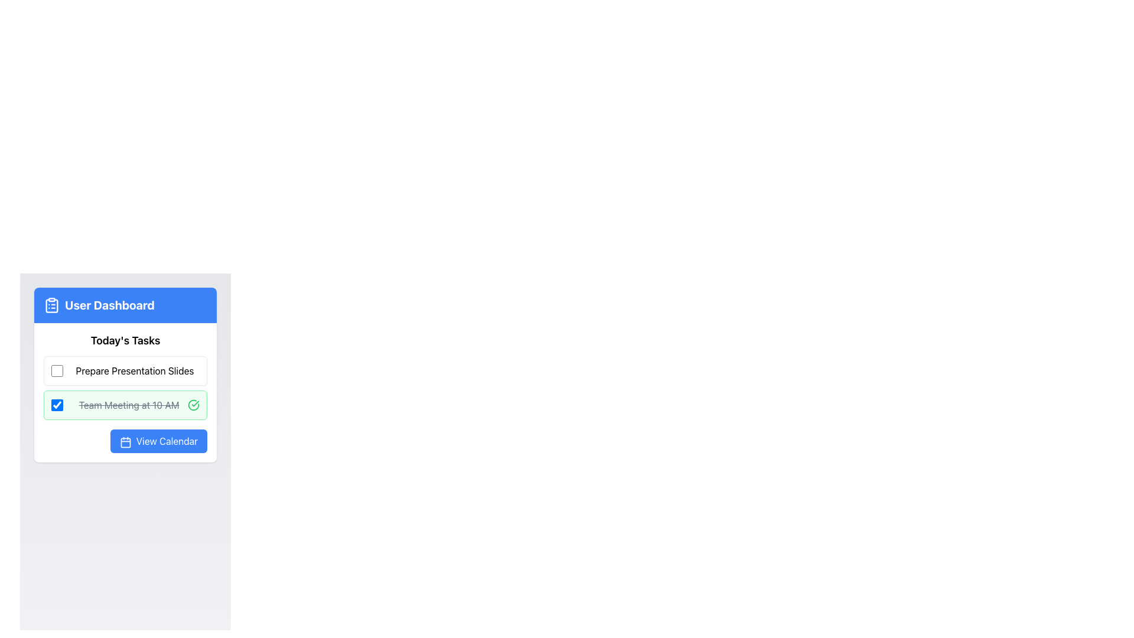 This screenshot has height=638, width=1134. What do you see at coordinates (129, 405) in the screenshot?
I see `the static text indicating the completed task located in the 'Today's Tasks' list within the 'User Dashboard' section, which is the second item in the list` at bounding box center [129, 405].